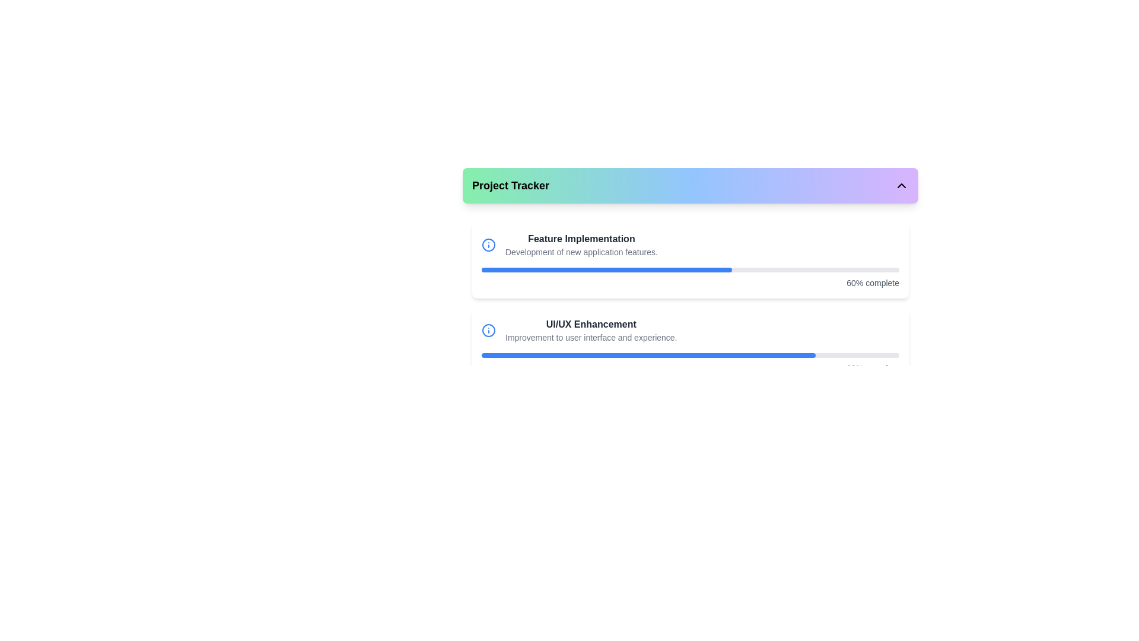 This screenshot has height=641, width=1139. What do you see at coordinates (690, 260) in the screenshot?
I see `the Progress panel titled 'Feature Implementation'` at bounding box center [690, 260].